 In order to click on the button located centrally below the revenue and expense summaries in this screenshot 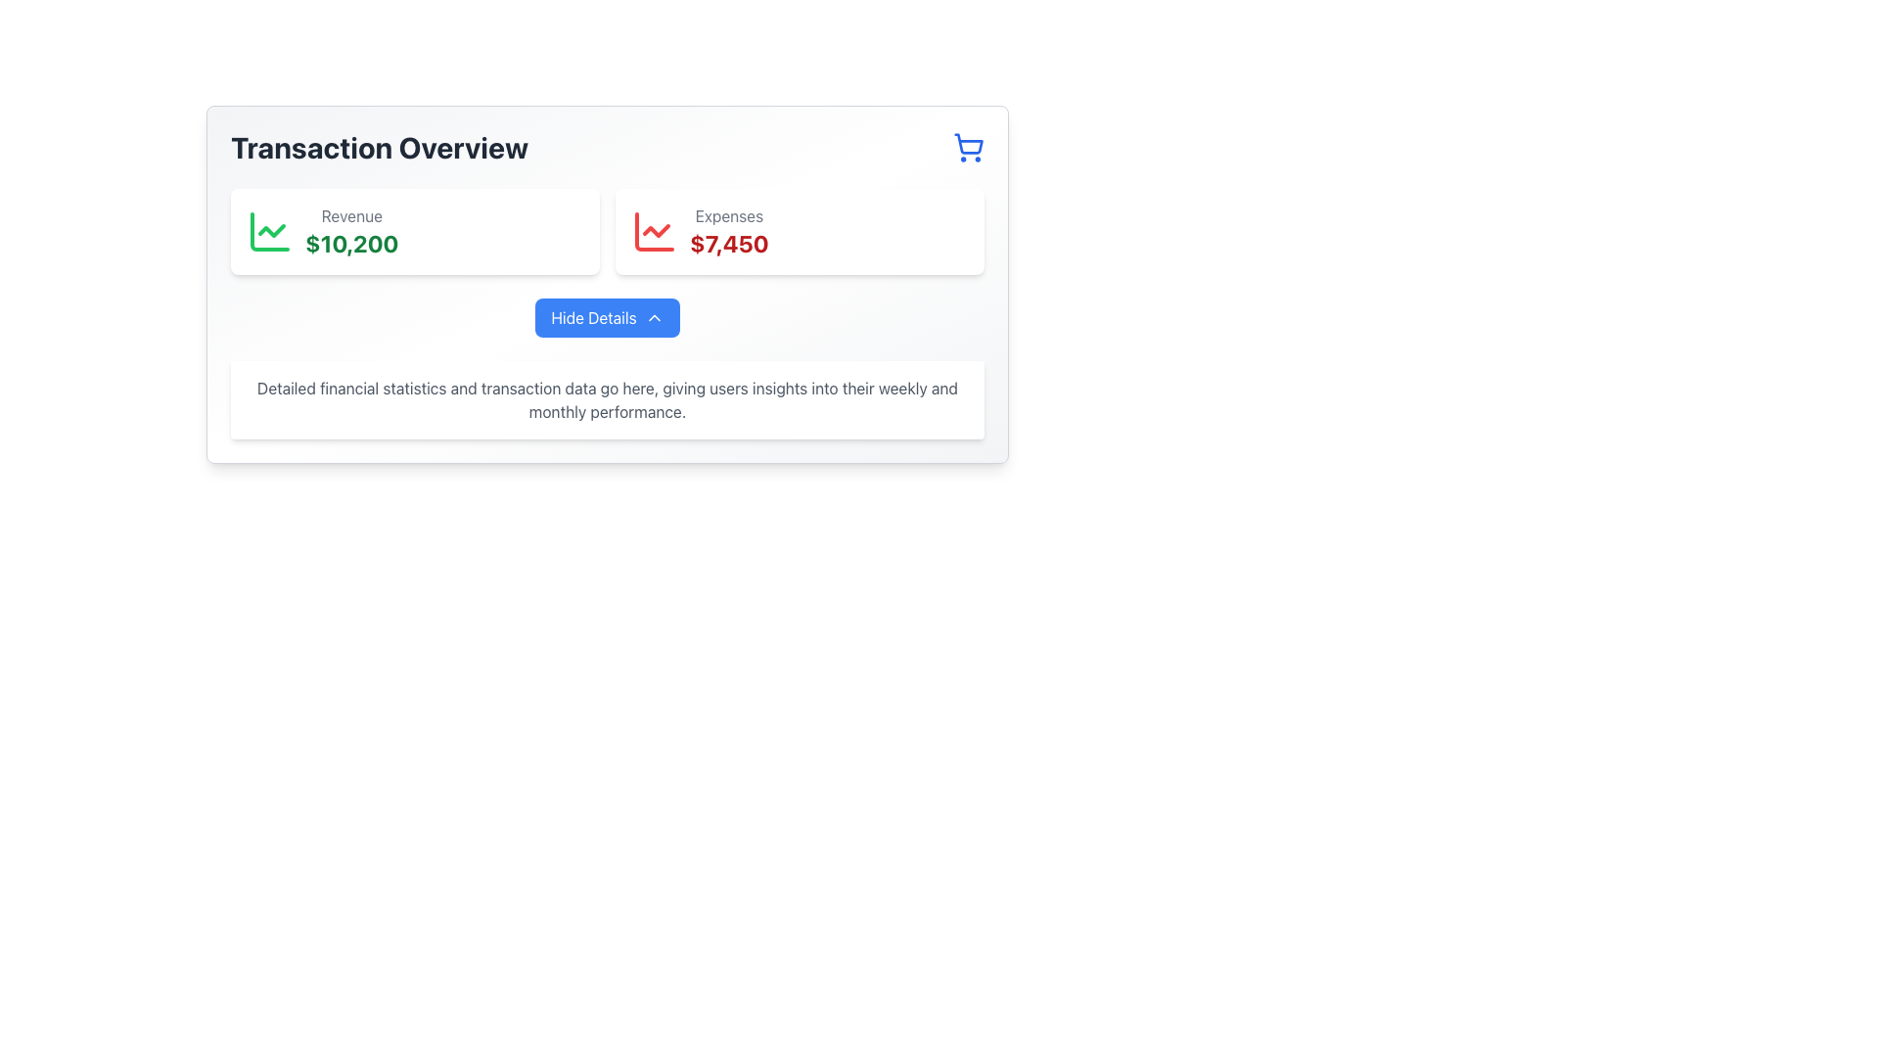, I will do `click(606, 316)`.